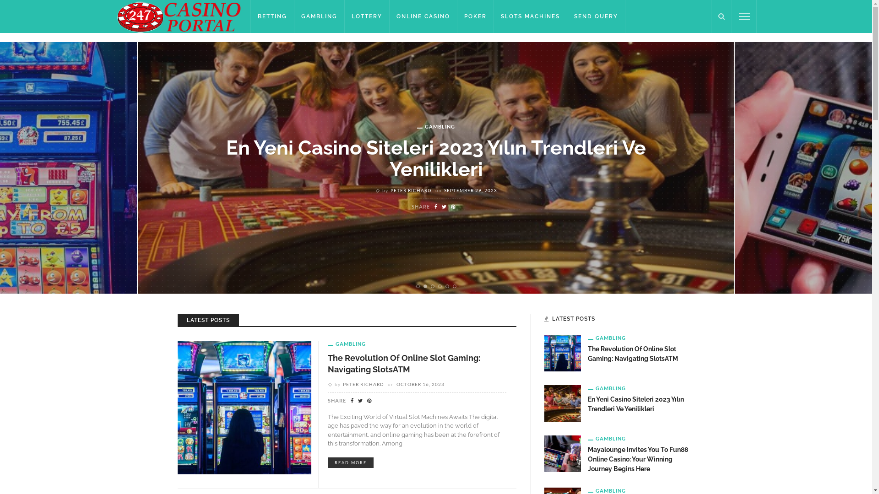 This screenshot has width=879, height=494. What do you see at coordinates (344, 16) in the screenshot?
I see `'LOTTERY'` at bounding box center [344, 16].